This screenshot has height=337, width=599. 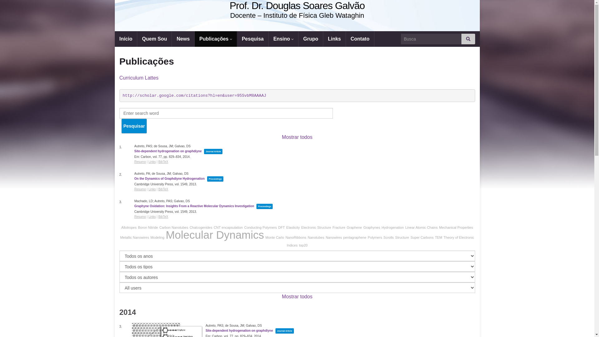 I want to click on 'Graphene', so click(x=354, y=227).